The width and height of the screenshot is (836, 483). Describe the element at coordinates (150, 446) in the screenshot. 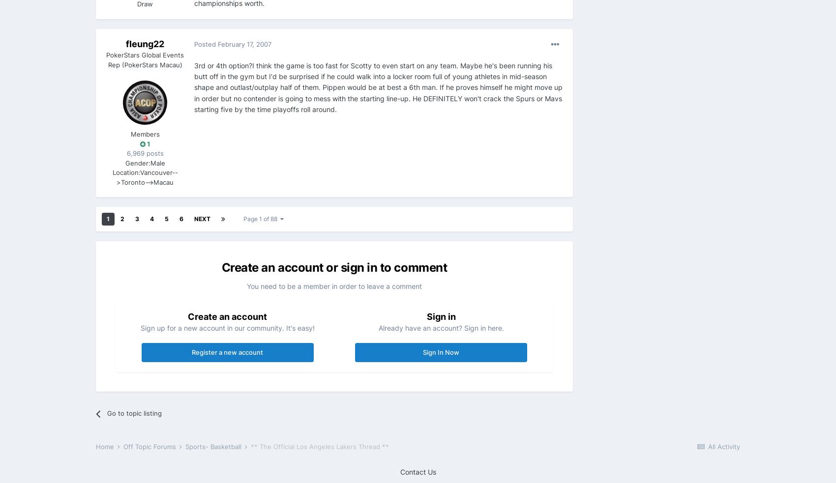

I see `'Off Topic Forums'` at that location.